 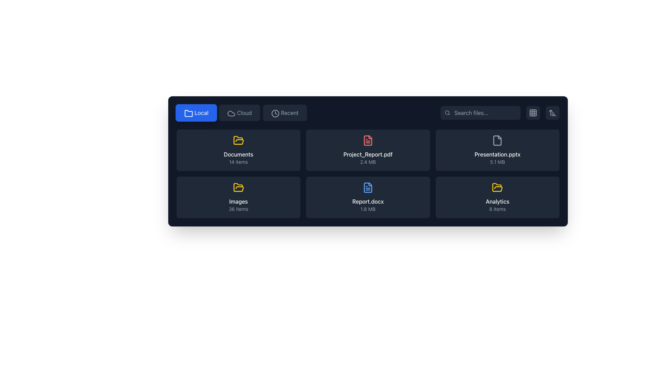 What do you see at coordinates (367, 197) in the screenshot?
I see `the file representation item with the file name 'Report.docx' and size '1.8 MB'` at bounding box center [367, 197].